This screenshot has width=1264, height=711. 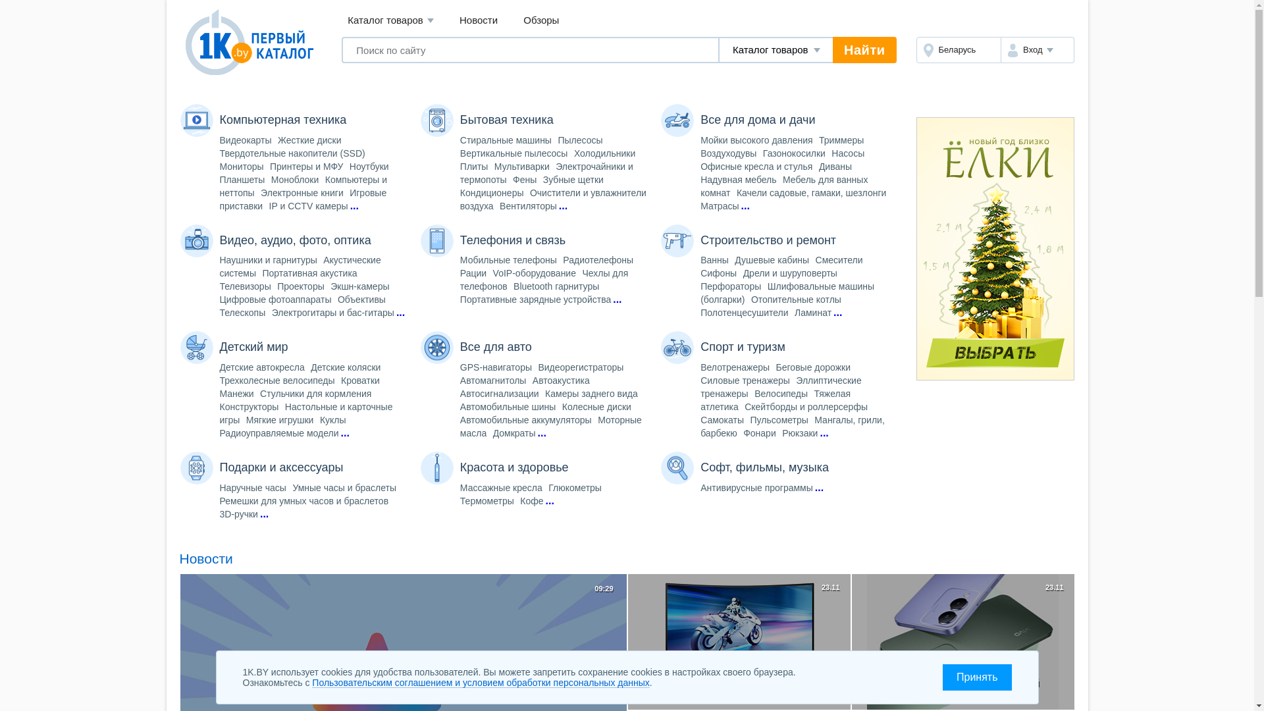 What do you see at coordinates (400, 312) in the screenshot?
I see `'...'` at bounding box center [400, 312].